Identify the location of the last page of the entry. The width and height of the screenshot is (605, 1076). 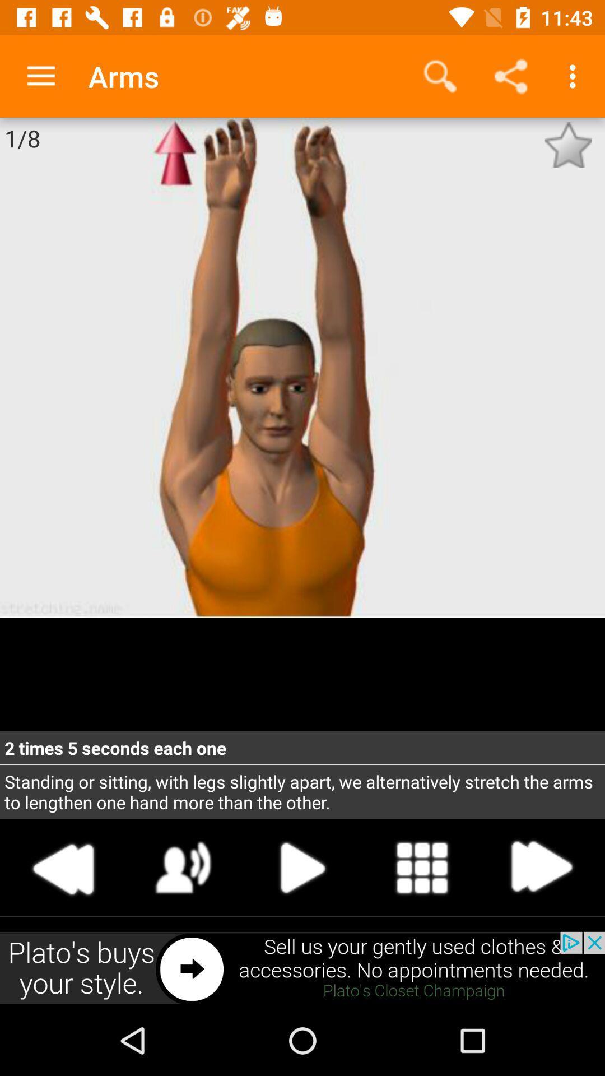
(540, 867).